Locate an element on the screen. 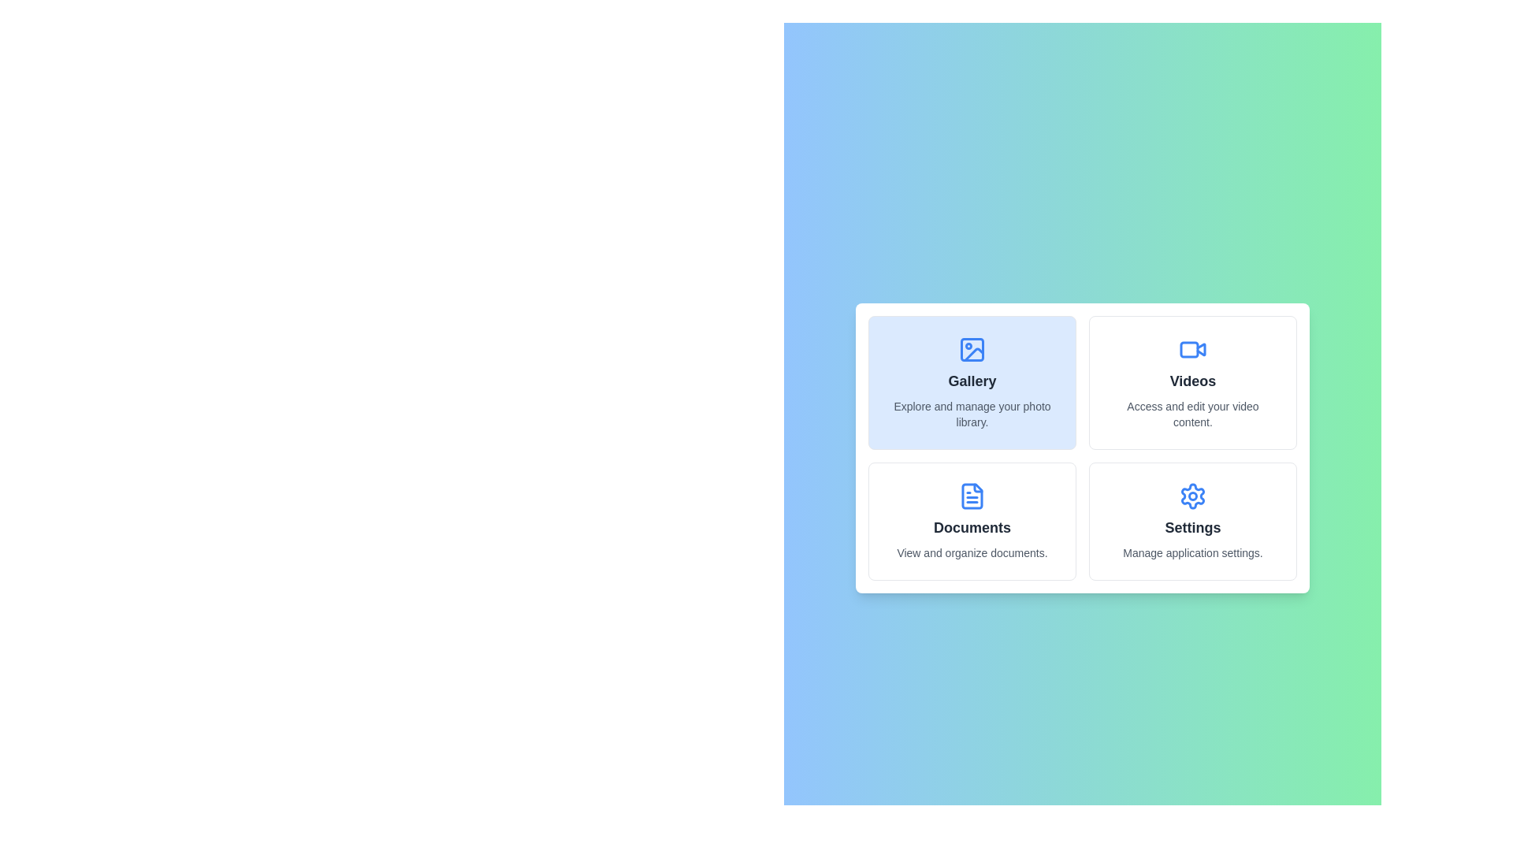 This screenshot has height=851, width=1513. the icon and label for Videos is located at coordinates (1192, 383).